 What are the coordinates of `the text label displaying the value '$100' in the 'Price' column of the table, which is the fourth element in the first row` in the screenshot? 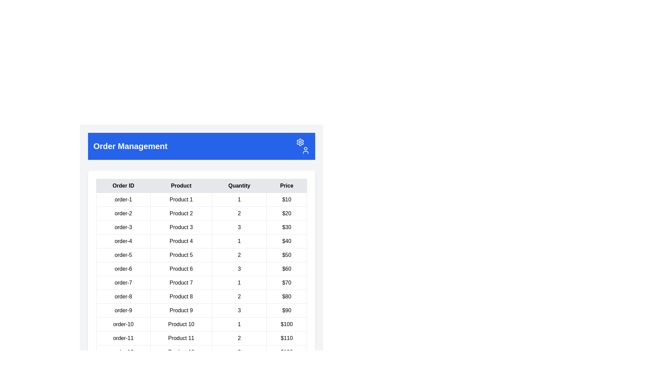 It's located at (287, 324).